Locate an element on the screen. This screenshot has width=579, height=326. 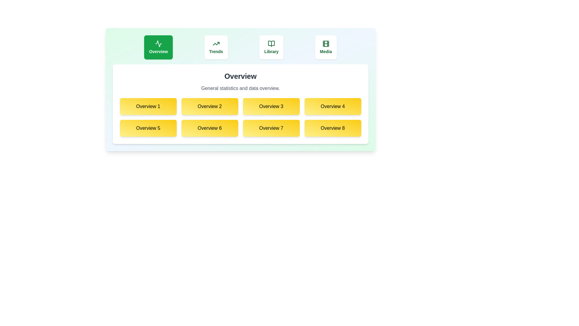
the tab labeled Overview to observe its hover effect is located at coordinates (158, 47).